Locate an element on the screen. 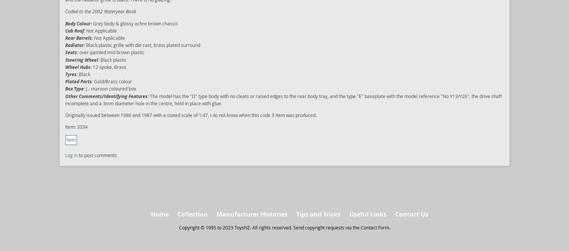 Image resolution: width=569 pixels, height=251 pixels. 'Cab Roof:' is located at coordinates (75, 30).